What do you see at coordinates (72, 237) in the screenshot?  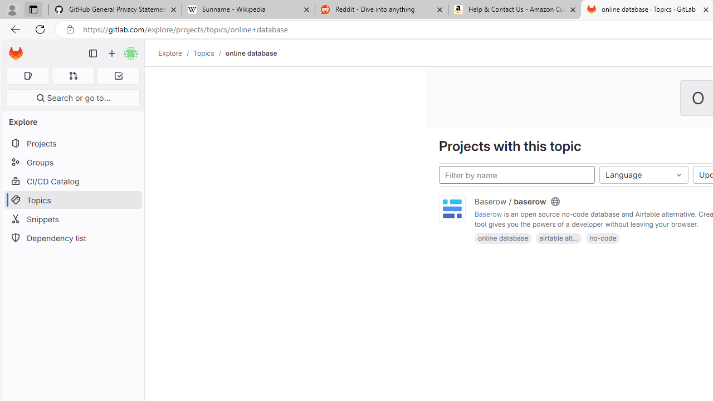 I see `'Dependency list'` at bounding box center [72, 237].